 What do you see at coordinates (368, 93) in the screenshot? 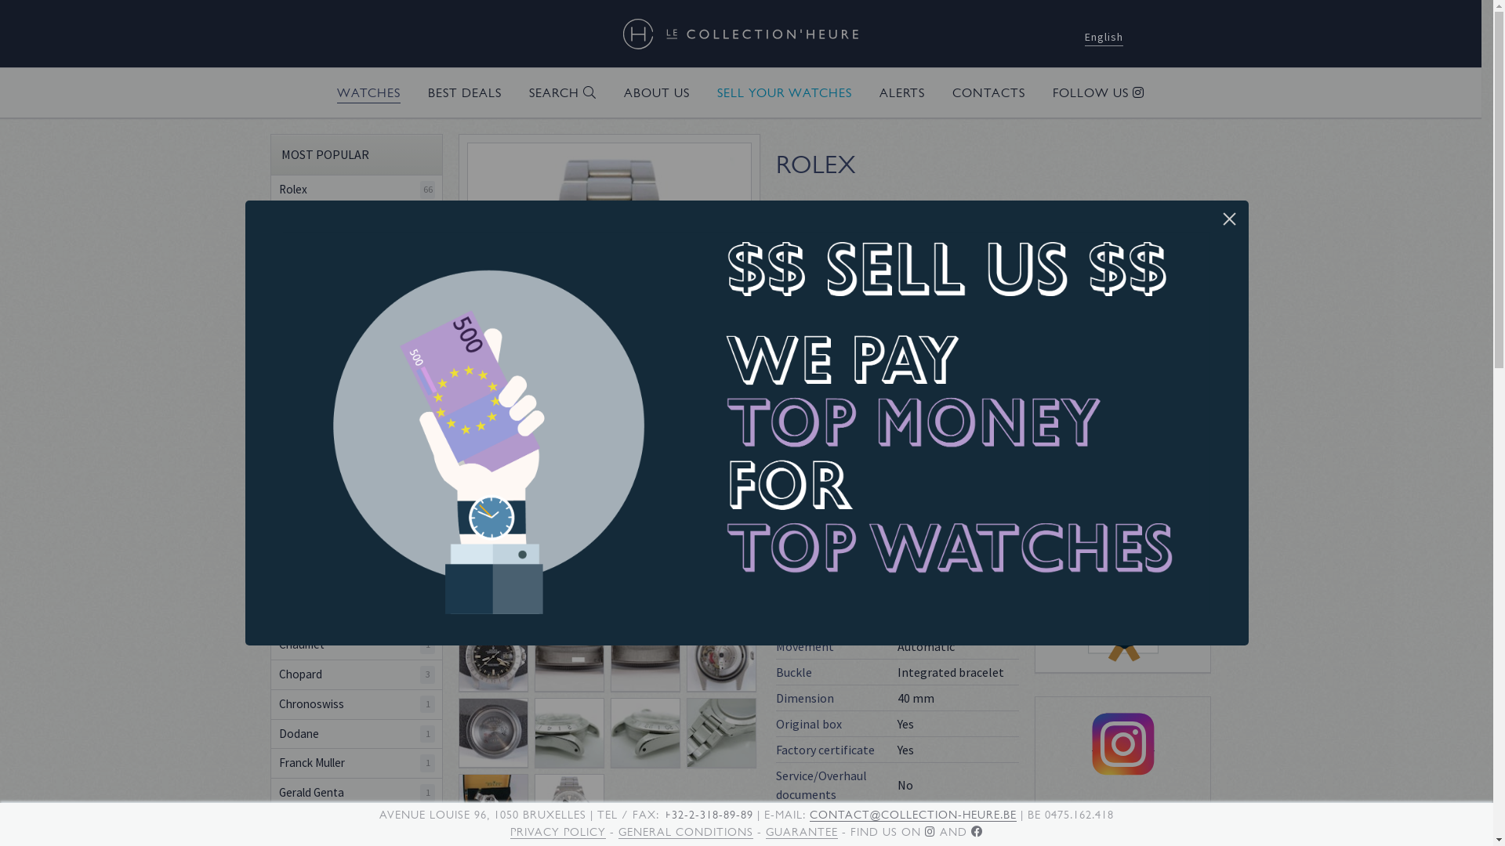
I see `'WATCHES'` at bounding box center [368, 93].